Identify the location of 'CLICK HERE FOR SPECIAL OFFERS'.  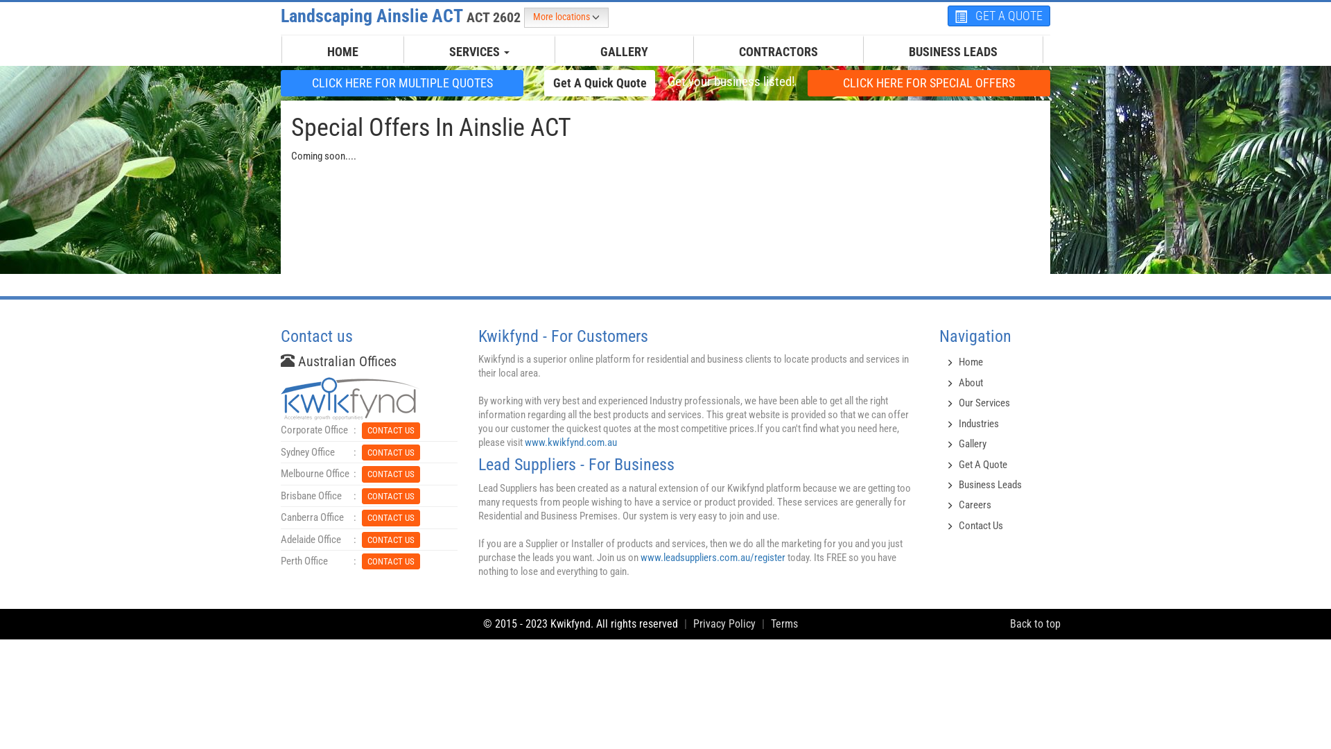
(928, 83).